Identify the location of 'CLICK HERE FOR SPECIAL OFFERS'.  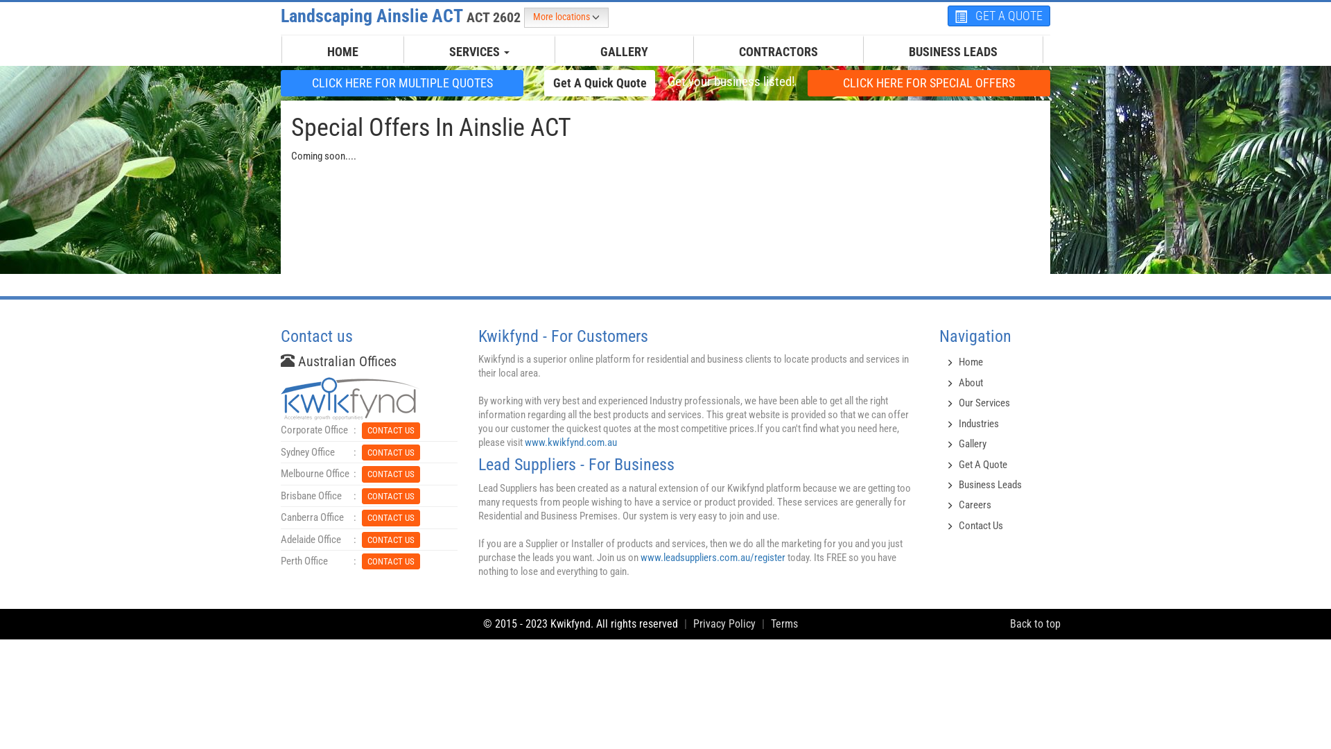
(928, 83).